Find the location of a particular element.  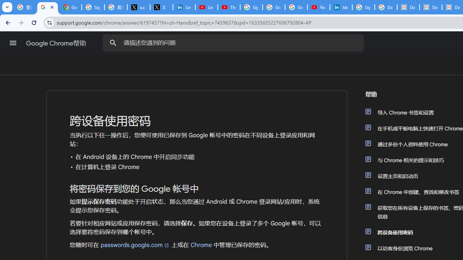

'passwords.google.com' is located at coordinates (135, 244).